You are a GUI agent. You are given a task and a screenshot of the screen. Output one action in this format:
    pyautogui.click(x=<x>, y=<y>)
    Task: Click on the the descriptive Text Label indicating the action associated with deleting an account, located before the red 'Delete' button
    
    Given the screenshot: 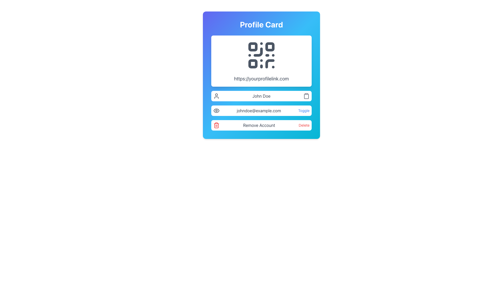 What is the action you would take?
    pyautogui.click(x=259, y=125)
    